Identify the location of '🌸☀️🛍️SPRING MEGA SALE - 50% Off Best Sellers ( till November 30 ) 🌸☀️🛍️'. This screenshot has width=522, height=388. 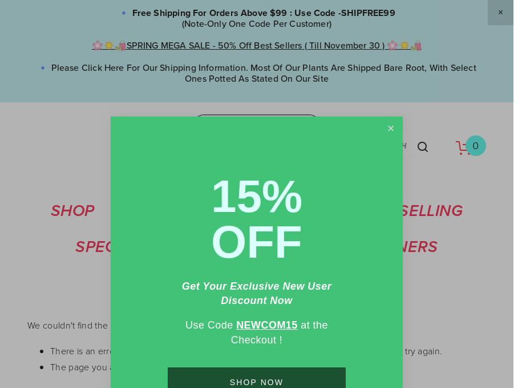
(256, 45).